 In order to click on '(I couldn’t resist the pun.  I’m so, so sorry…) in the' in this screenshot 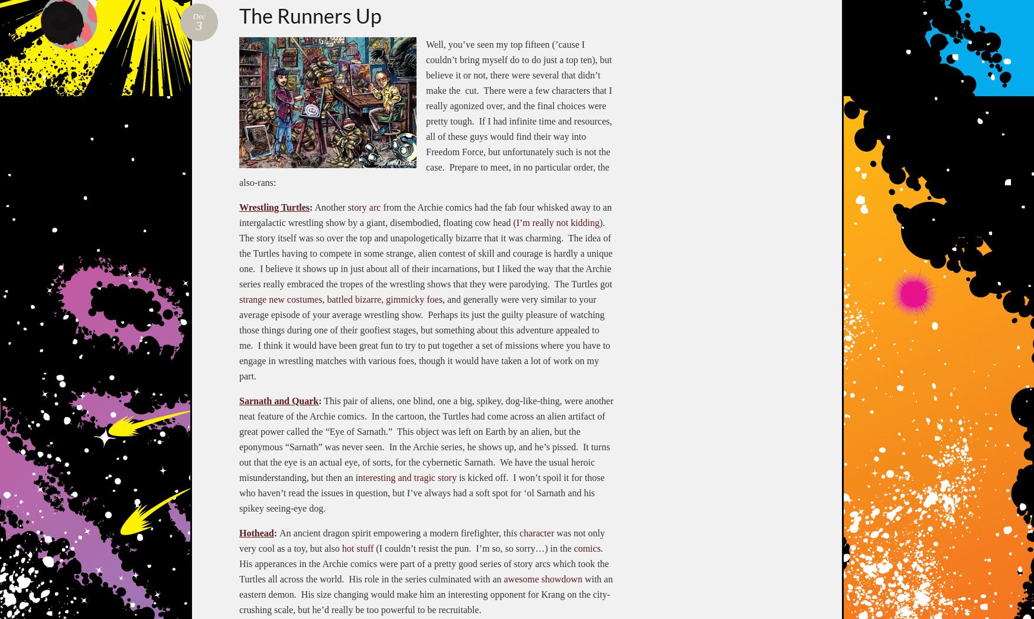, I will do `click(473, 547)`.